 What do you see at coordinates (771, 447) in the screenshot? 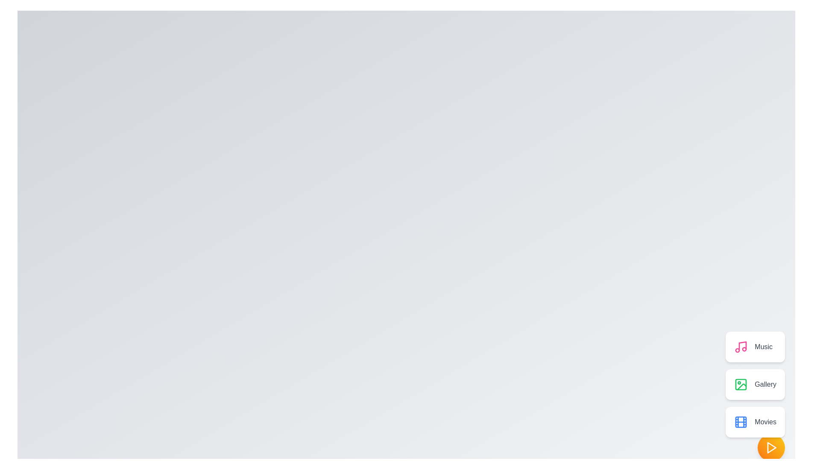
I see `floating action button to toggle the menu visibility` at bounding box center [771, 447].